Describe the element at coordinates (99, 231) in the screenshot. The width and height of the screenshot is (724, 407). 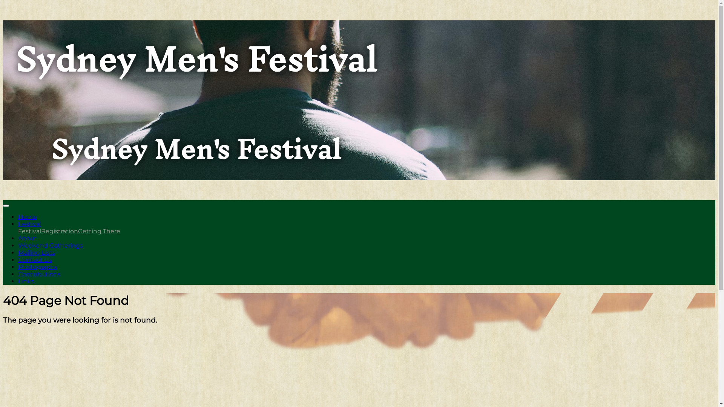
I see `'Getting There'` at that location.